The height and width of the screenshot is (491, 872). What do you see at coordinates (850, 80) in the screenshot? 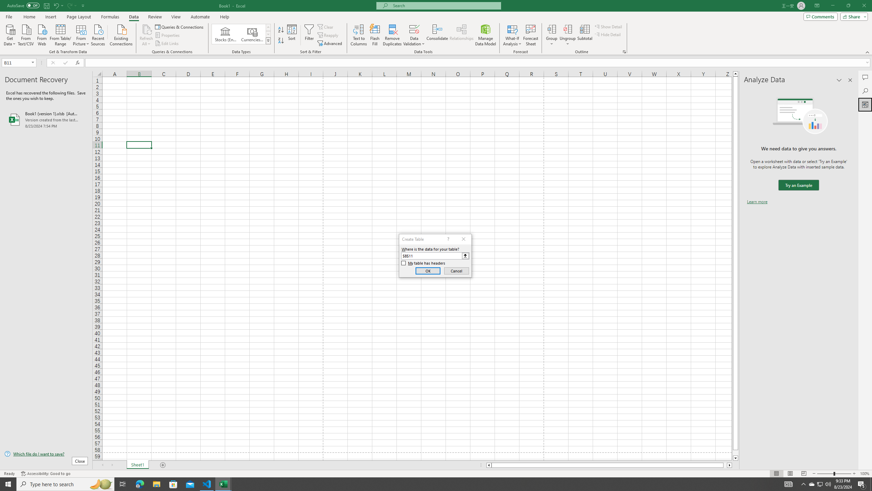
I see `'Close pane'` at bounding box center [850, 80].